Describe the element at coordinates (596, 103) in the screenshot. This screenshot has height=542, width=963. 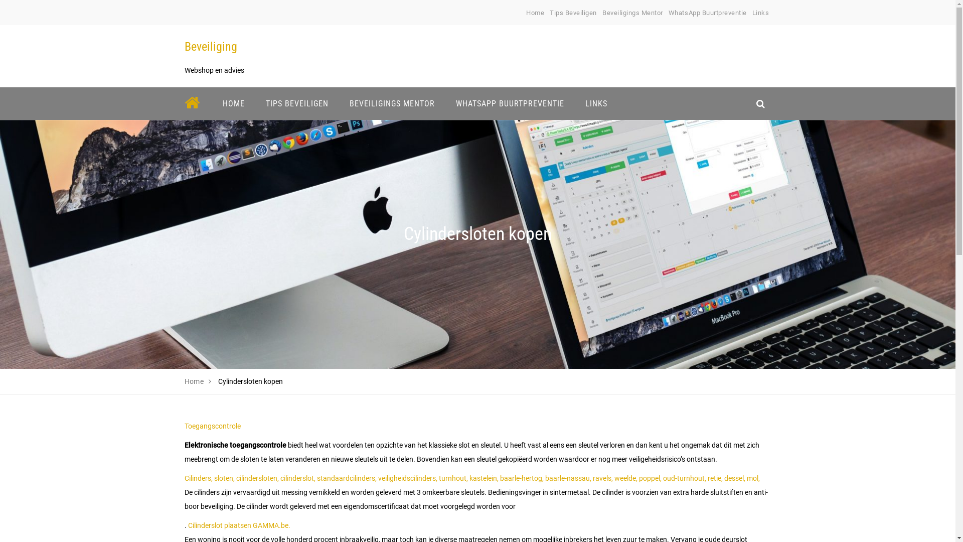
I see `'LINKS'` at that location.